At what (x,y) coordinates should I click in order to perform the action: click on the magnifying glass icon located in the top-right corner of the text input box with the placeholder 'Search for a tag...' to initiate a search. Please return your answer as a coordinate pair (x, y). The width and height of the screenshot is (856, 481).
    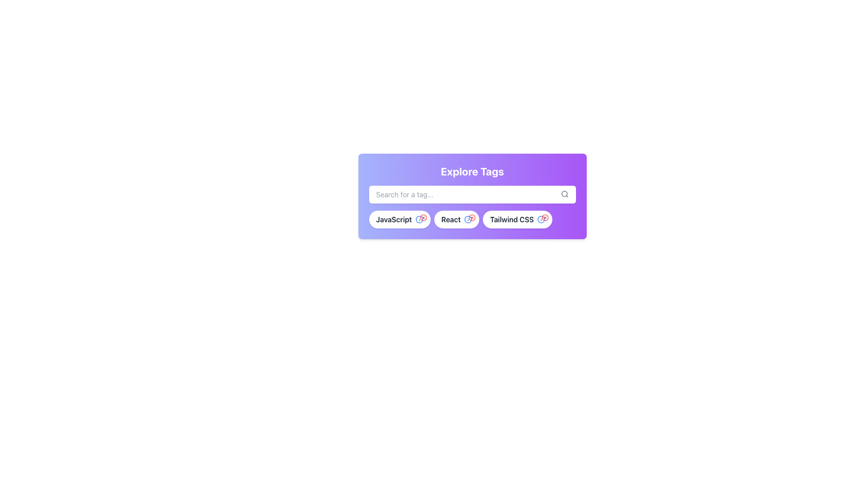
    Looking at the image, I should click on (564, 193).